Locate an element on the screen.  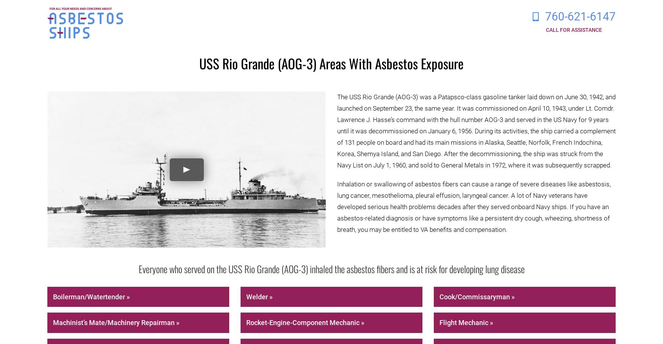
'Everyone who served on the USS Rio Grande (AOG-3) inhaled the asbestos fibers and is at risk for developing lung disease' is located at coordinates (331, 268).